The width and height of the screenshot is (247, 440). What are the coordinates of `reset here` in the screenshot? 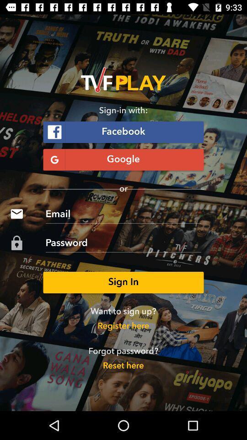 It's located at (123, 366).